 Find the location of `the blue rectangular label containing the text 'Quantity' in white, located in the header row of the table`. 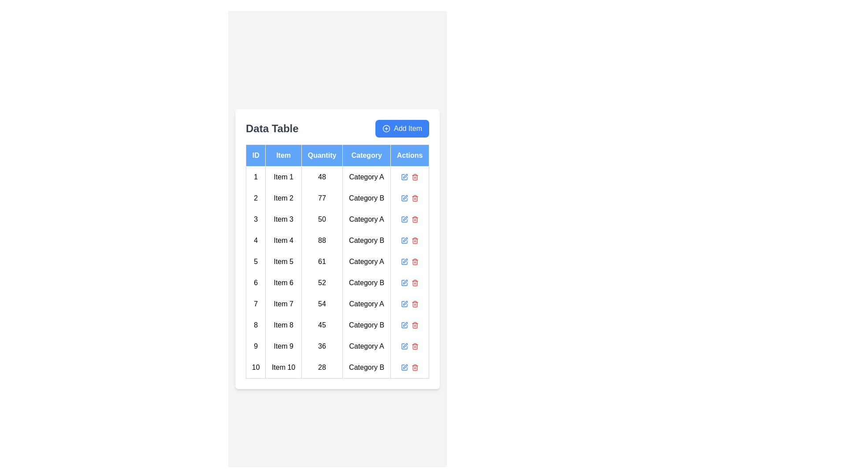

the blue rectangular label containing the text 'Quantity' in white, located in the header row of the table is located at coordinates (321, 155).